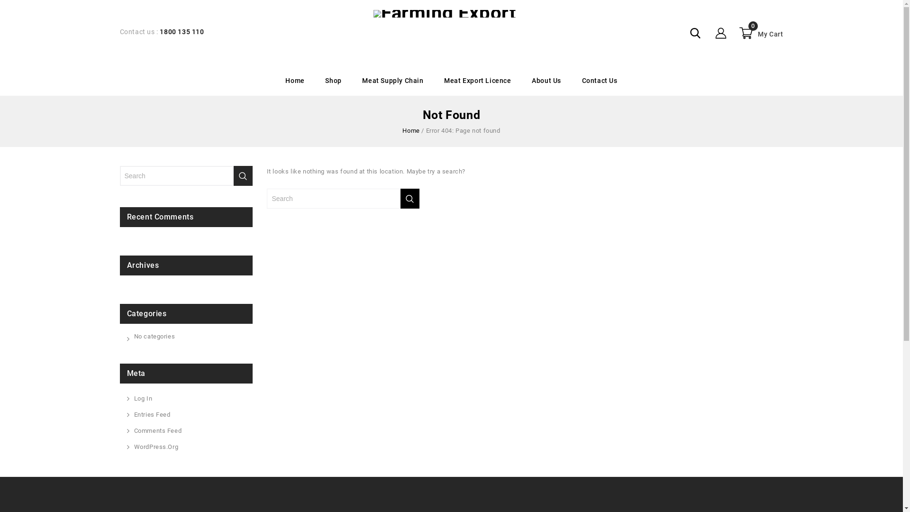  I want to click on 'Farming Export: Australian Meat Exporters, Beef, Lamb, Goat', so click(444, 13).